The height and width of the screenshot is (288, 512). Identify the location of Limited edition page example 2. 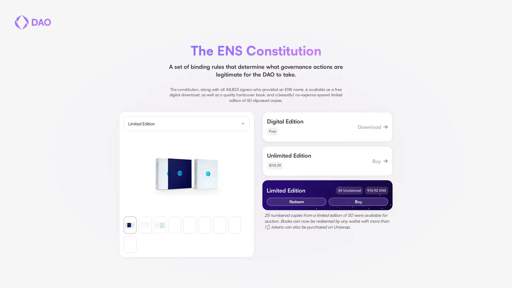
(175, 225).